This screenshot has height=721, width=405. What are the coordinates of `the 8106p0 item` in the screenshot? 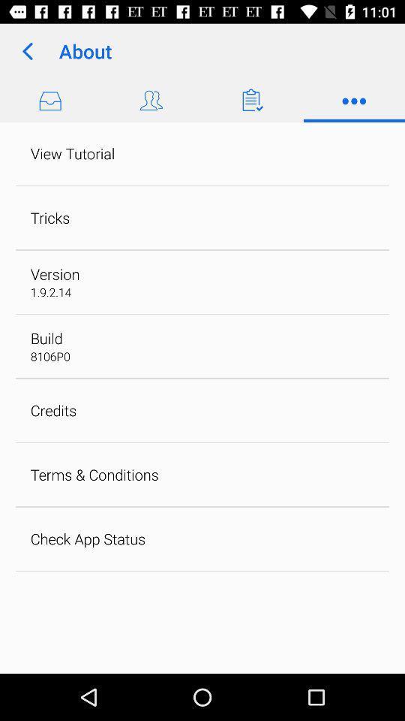 It's located at (50, 356).